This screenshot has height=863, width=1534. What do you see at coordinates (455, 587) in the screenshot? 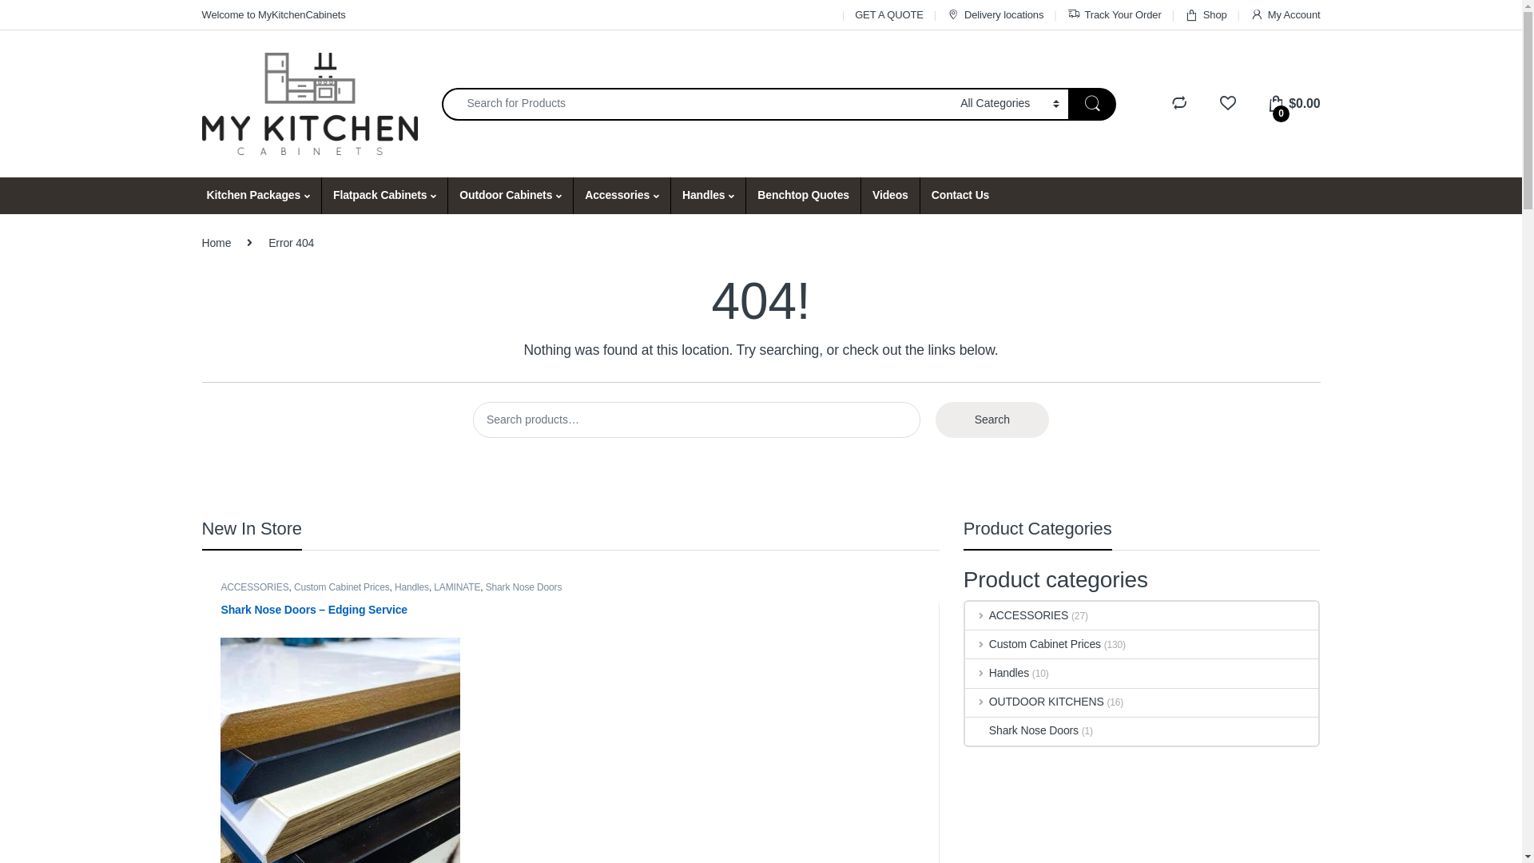
I see `'LAMINATE'` at bounding box center [455, 587].